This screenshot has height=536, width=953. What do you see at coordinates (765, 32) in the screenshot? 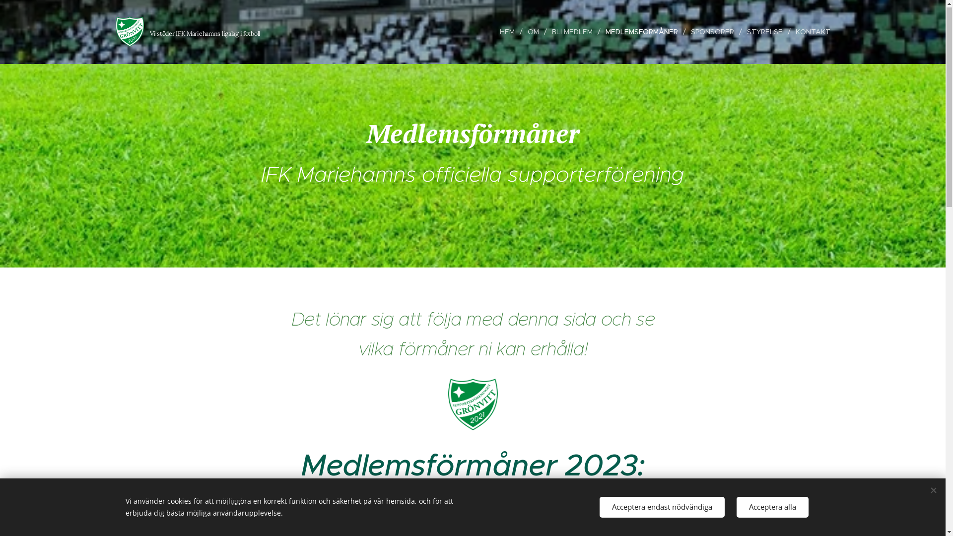
I see `'STYRELSE'` at bounding box center [765, 32].